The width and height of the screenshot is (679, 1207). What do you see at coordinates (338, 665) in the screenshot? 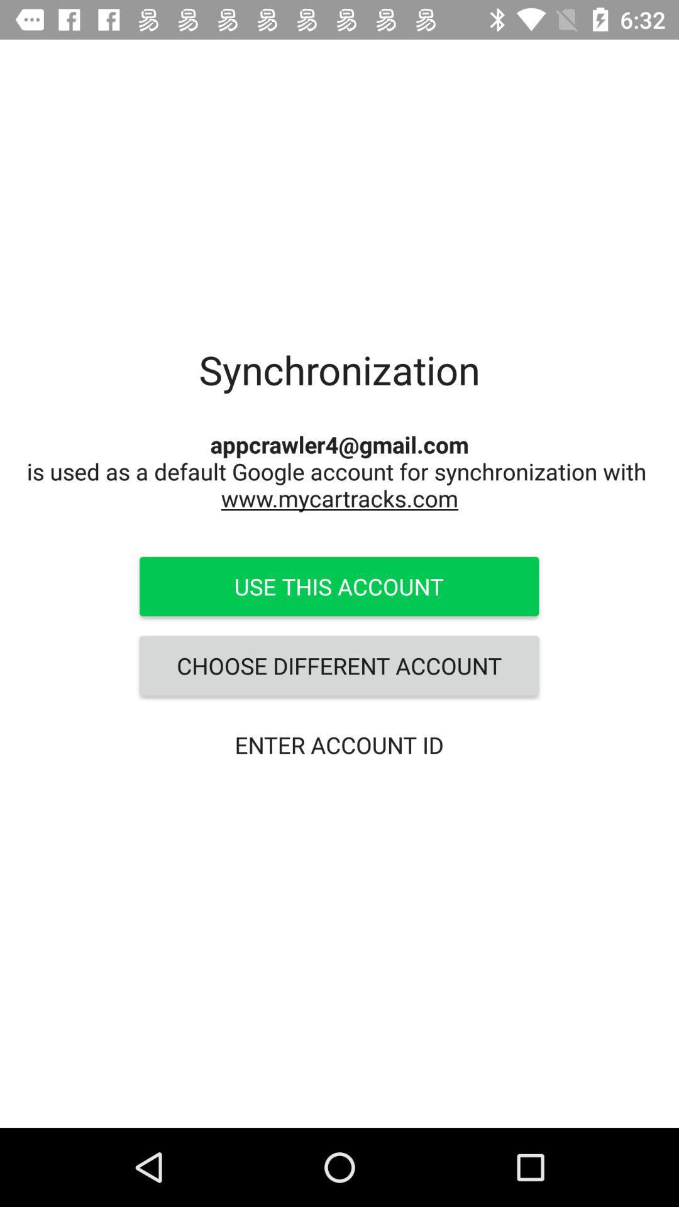
I see `the choose different account item` at bounding box center [338, 665].